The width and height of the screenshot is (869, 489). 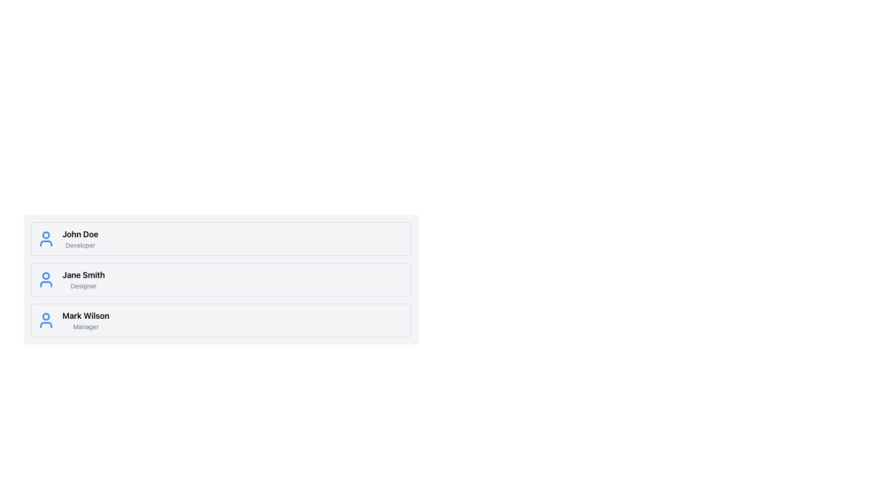 What do you see at coordinates (45, 239) in the screenshot?
I see `the blue circular user avatar icon located` at bounding box center [45, 239].